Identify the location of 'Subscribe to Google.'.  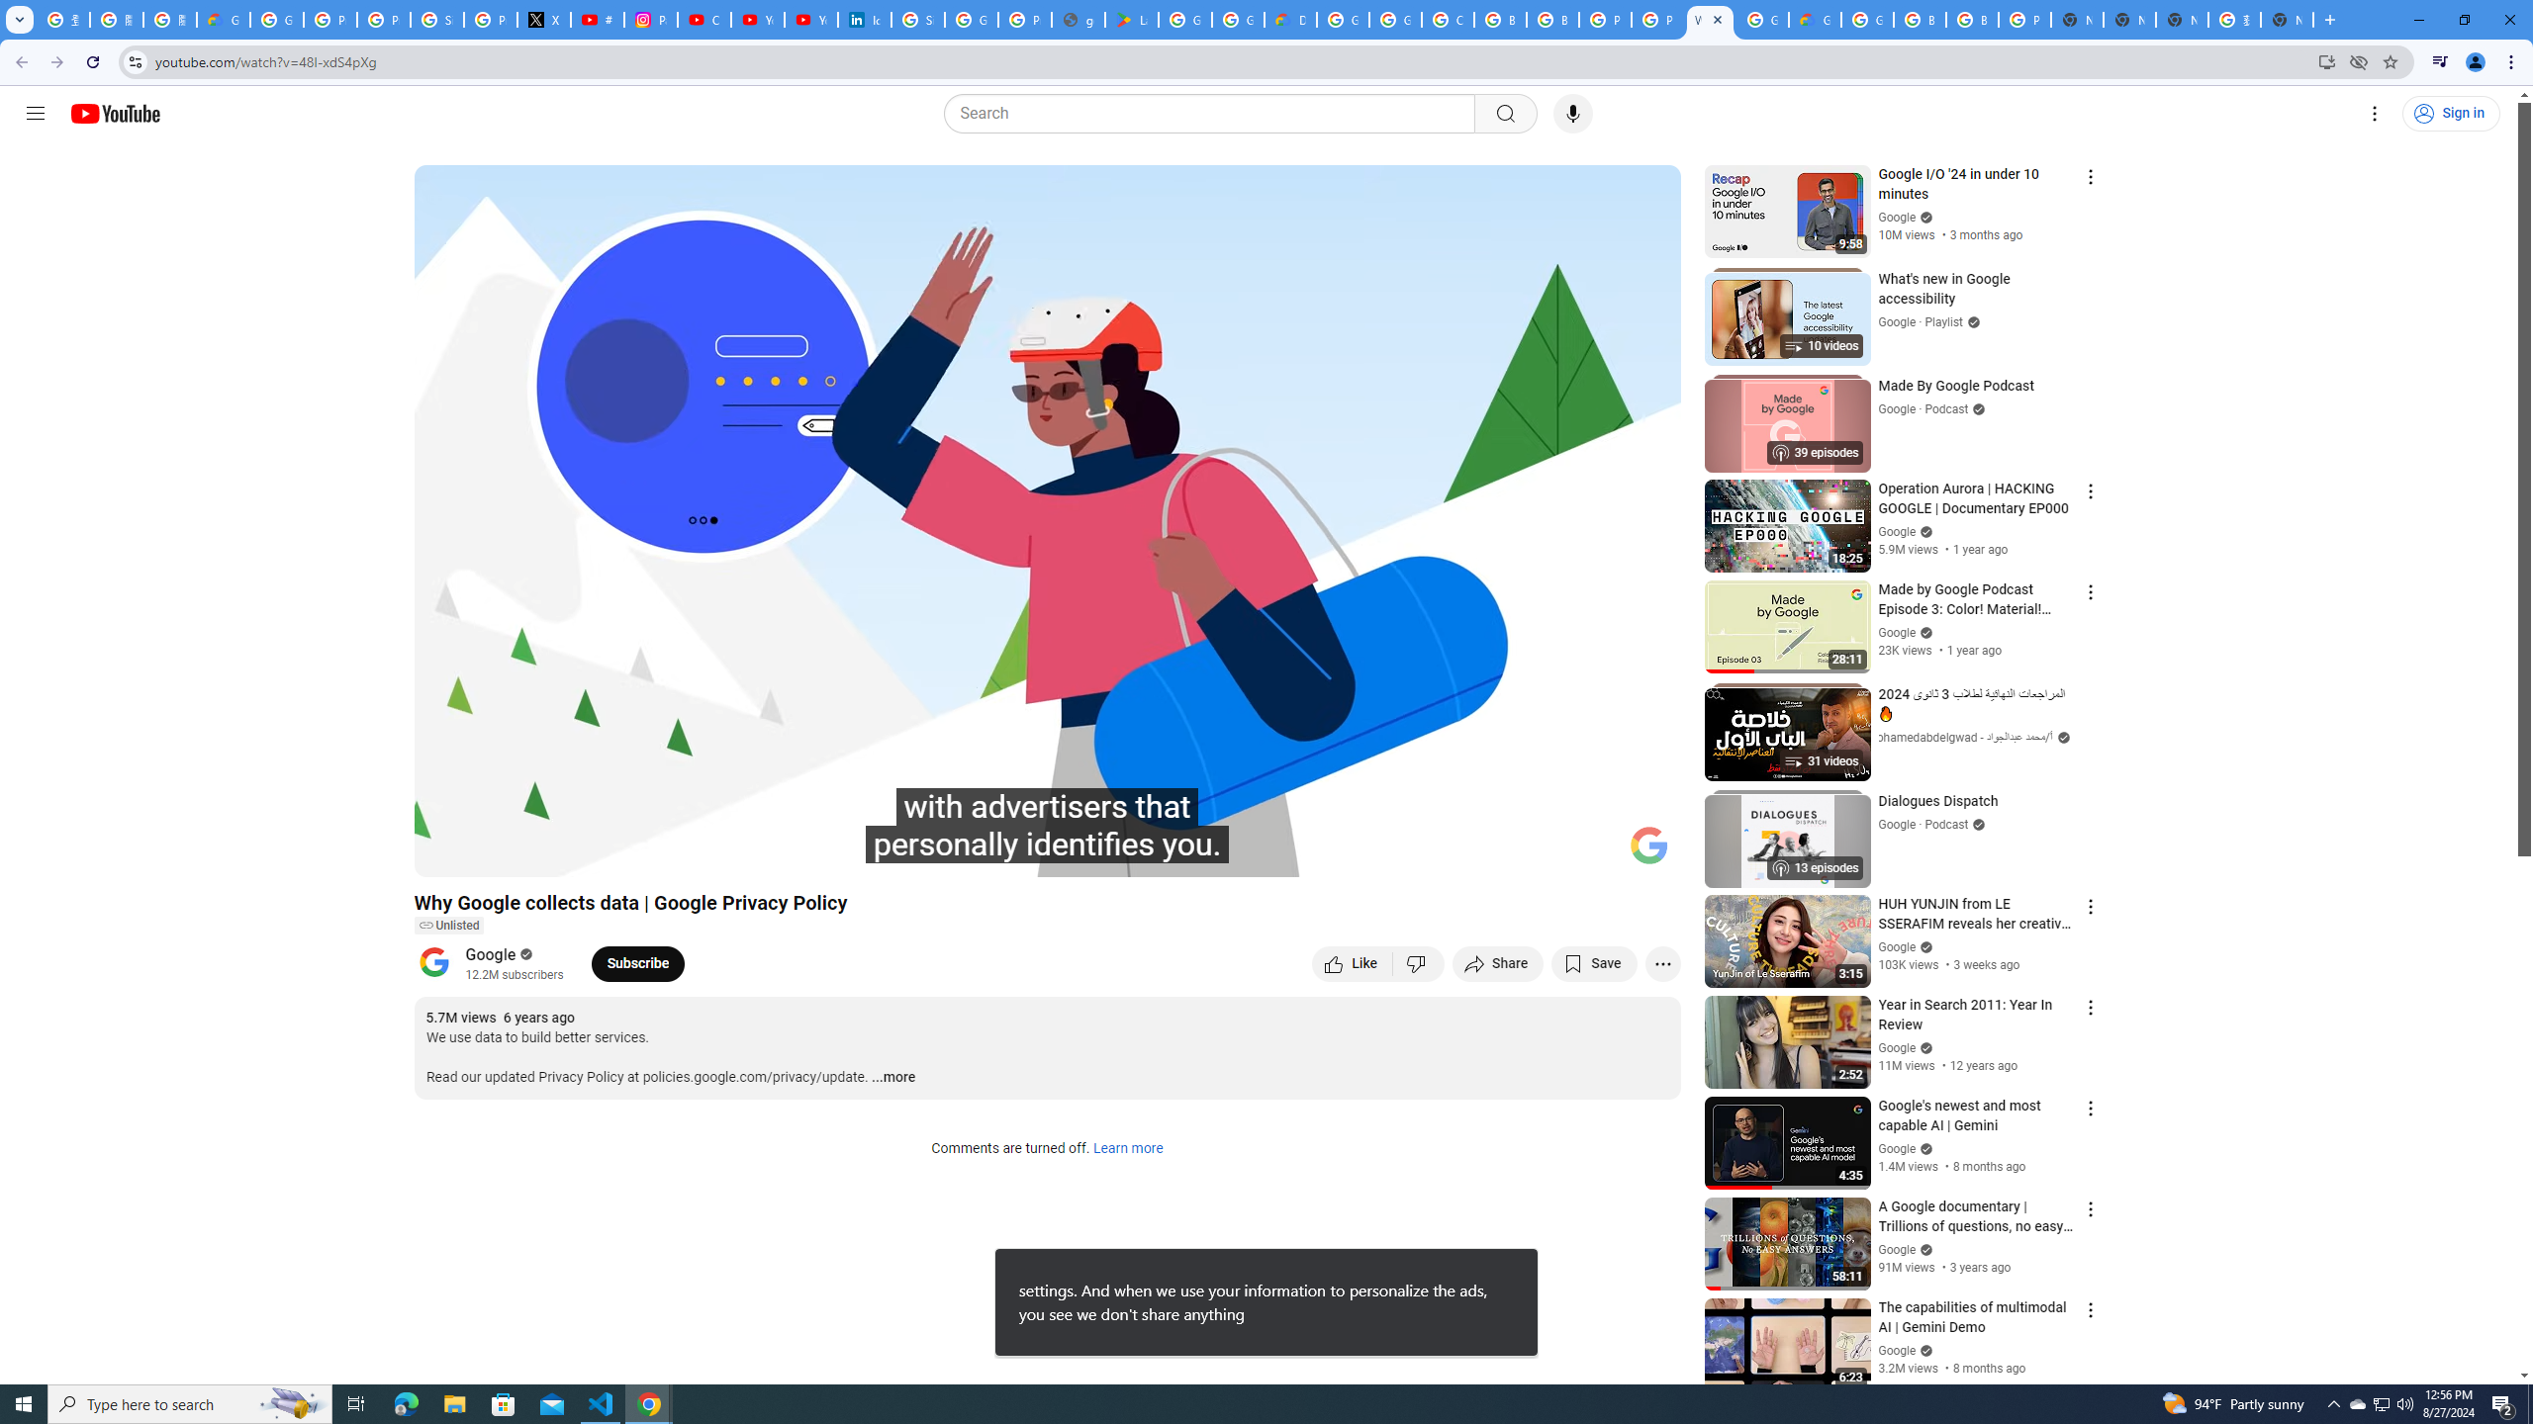
(637, 962).